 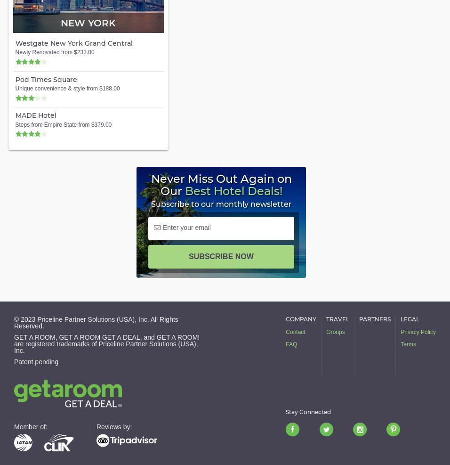 What do you see at coordinates (54, 52) in the screenshot?
I see `'Newly Renovated from $233.00'` at bounding box center [54, 52].